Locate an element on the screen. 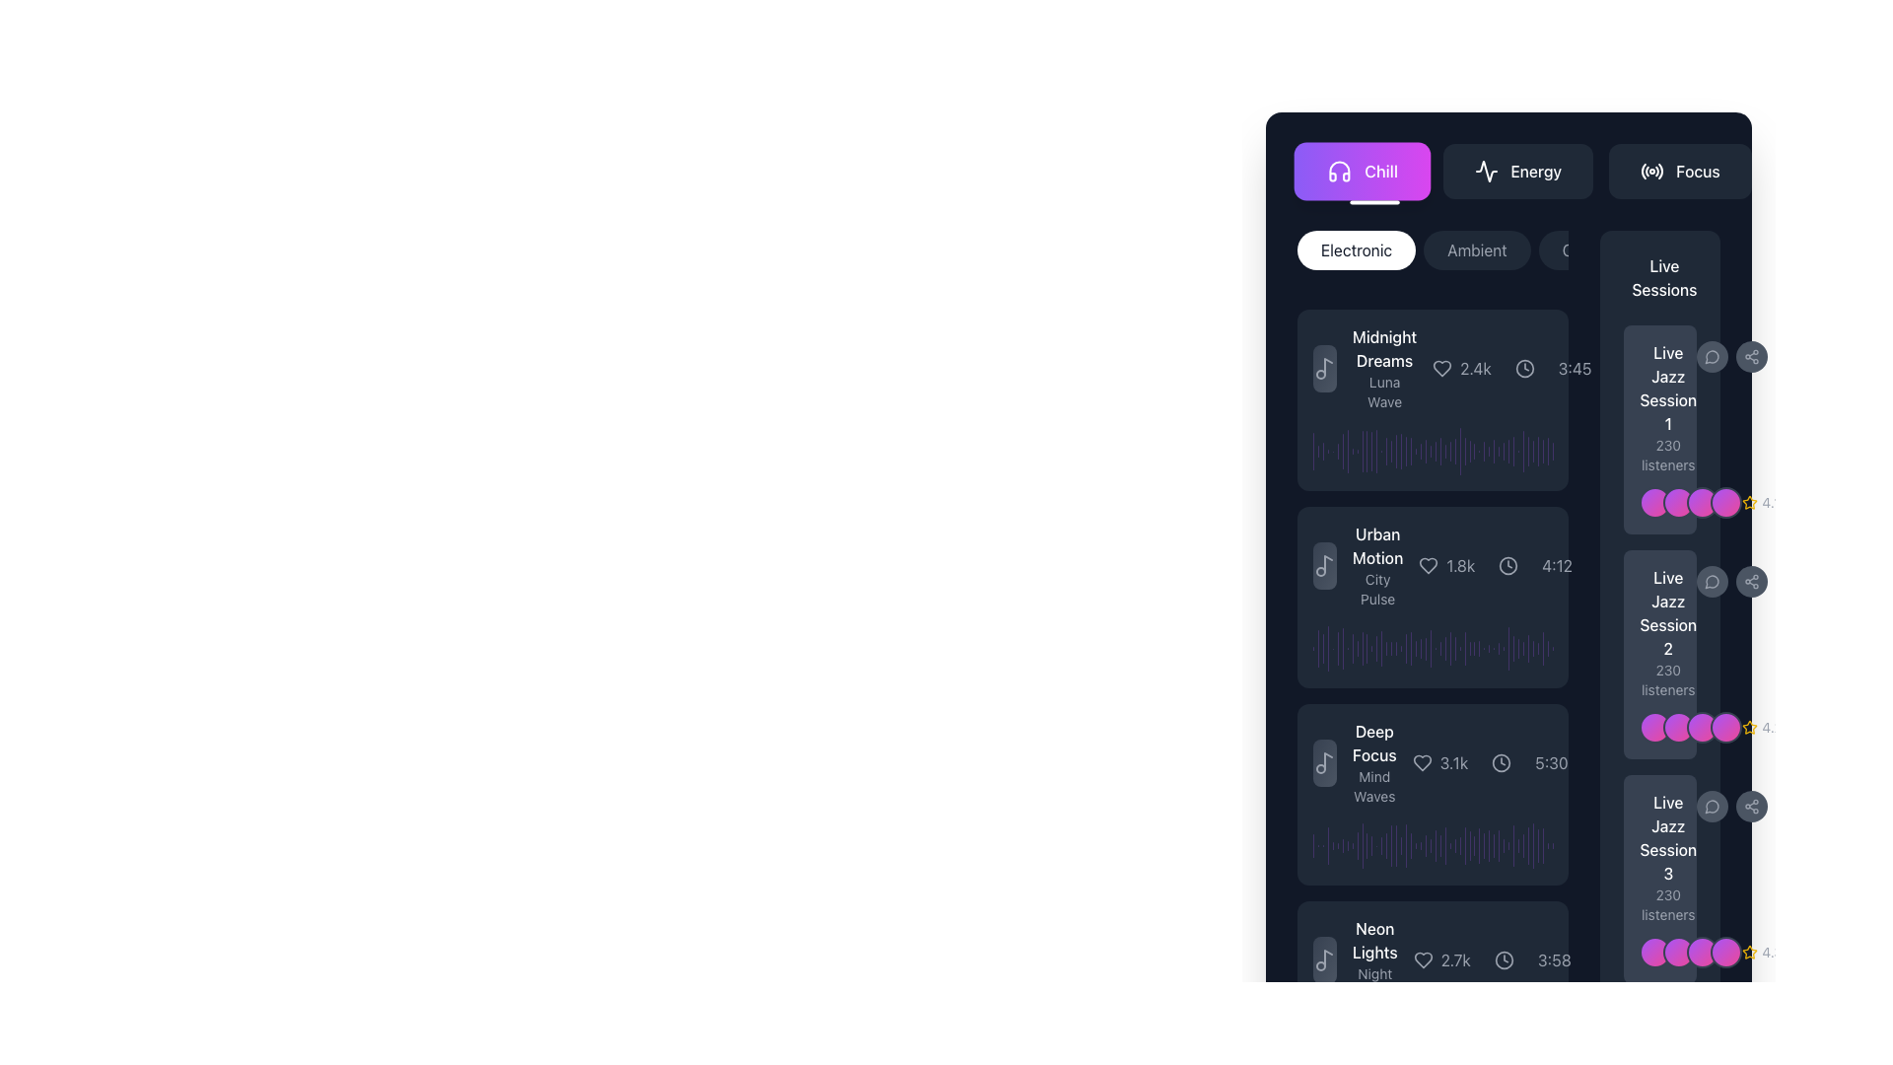  the heart icon with text displaying '2.7k' located in the lower section of the 'Neon Lights' content card is located at coordinates (1441, 959).